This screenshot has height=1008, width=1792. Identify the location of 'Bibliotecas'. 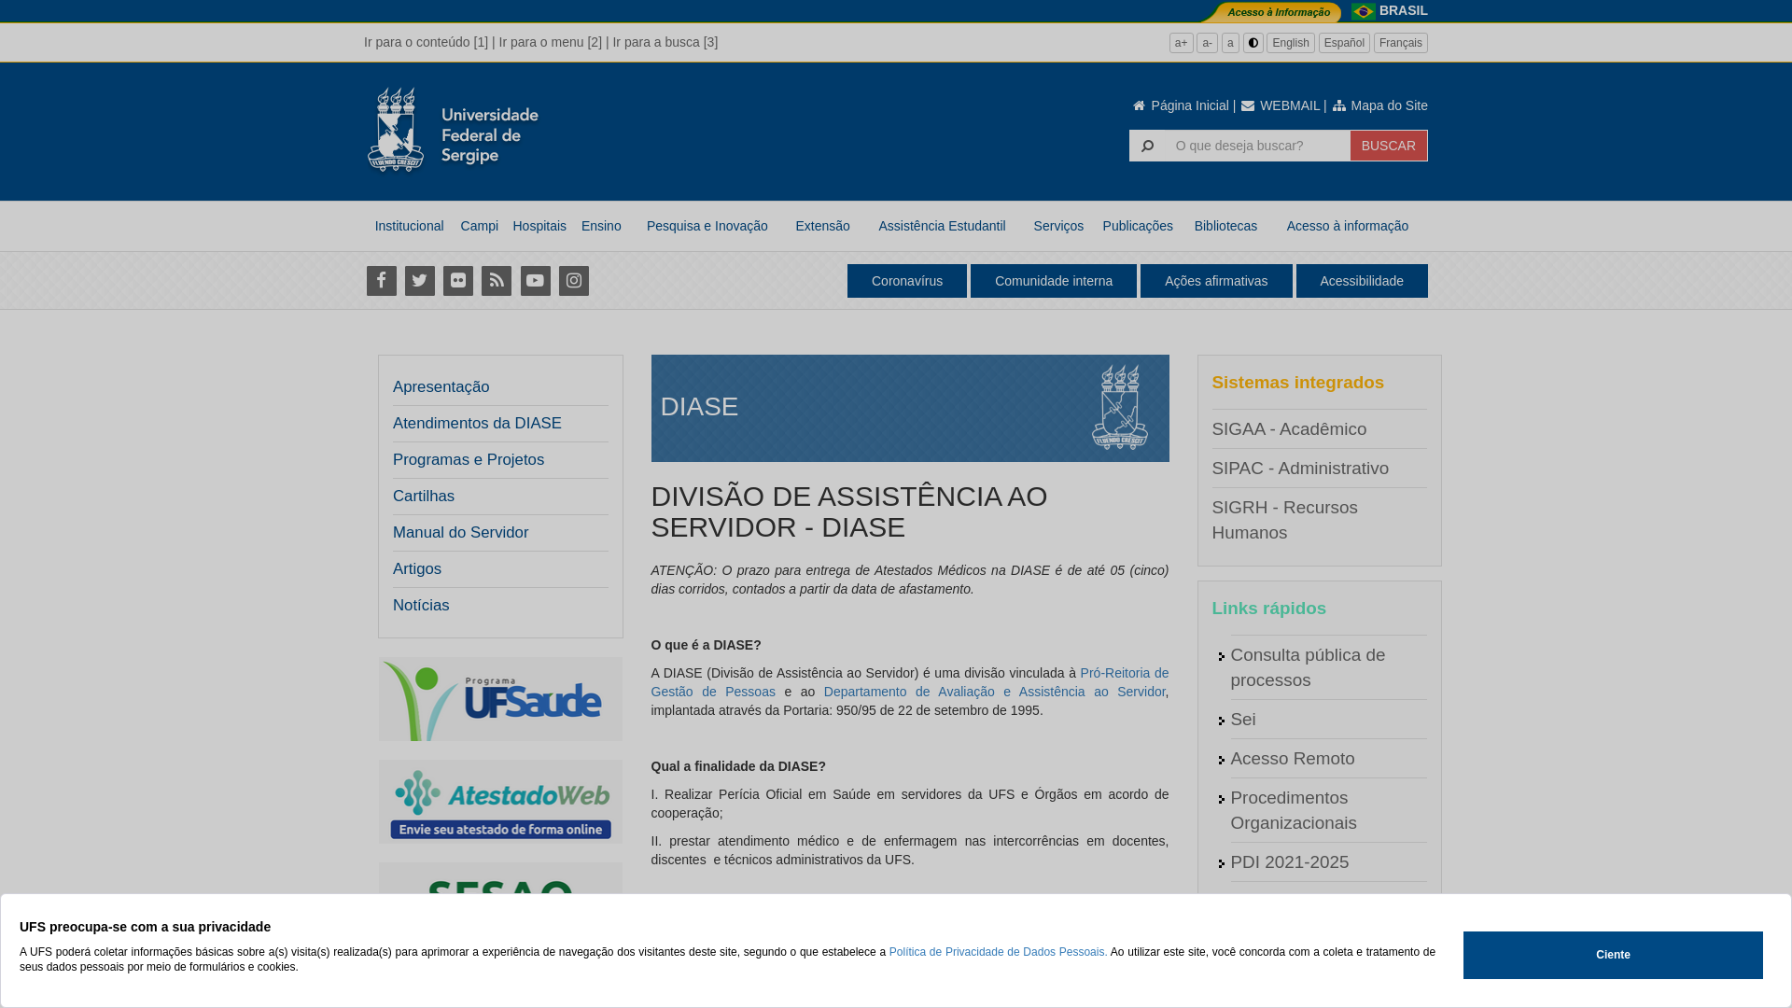
(1225, 225).